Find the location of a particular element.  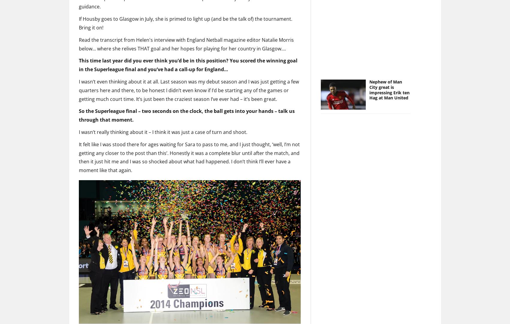

'I wasn’t really thinking about it – I think it was just a case of turn and shoot.' is located at coordinates (163, 122).